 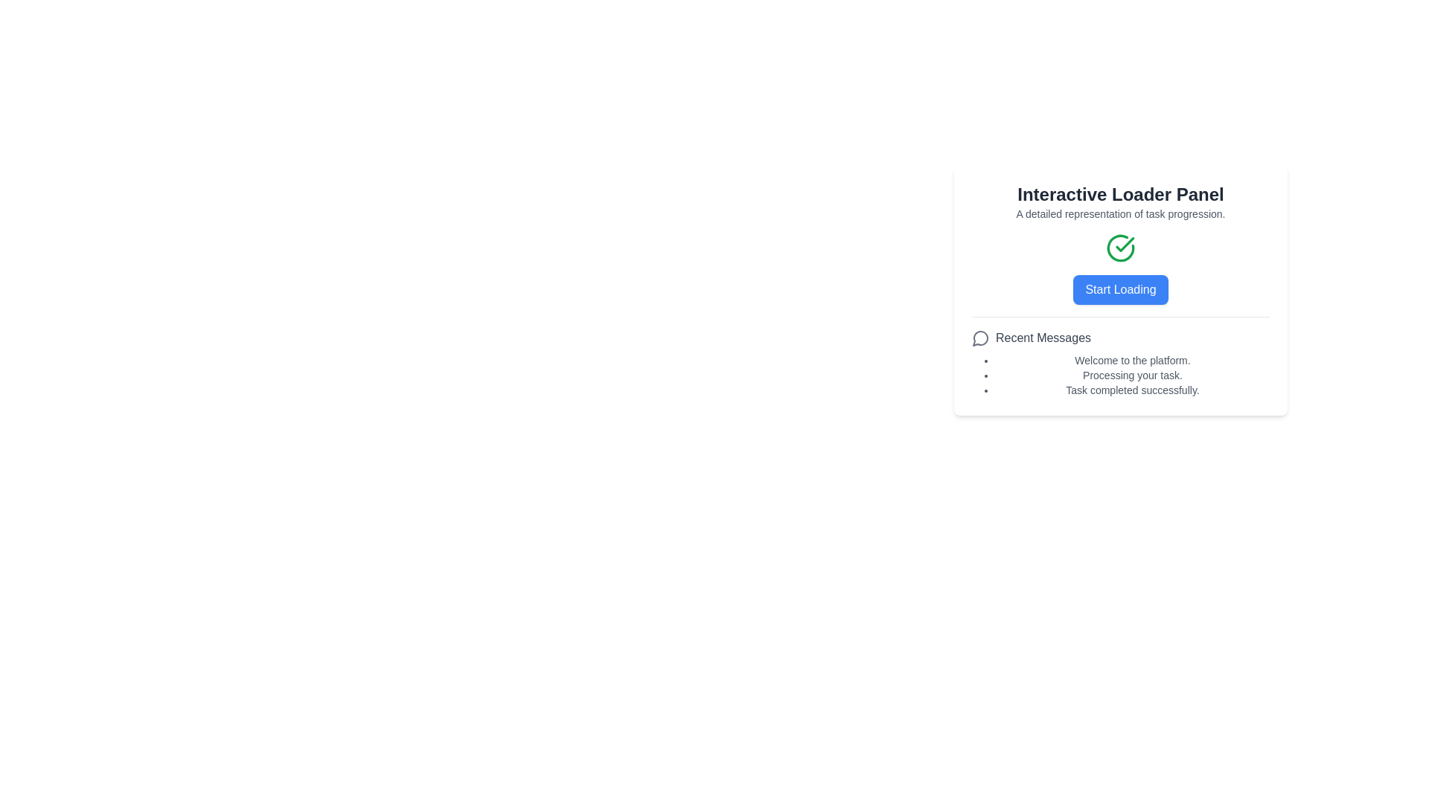 What do you see at coordinates (1121, 269) in the screenshot?
I see `the button within the Interactive section that indicates an actionable step to start a loading process, located in the Interactive Loader Panel` at bounding box center [1121, 269].